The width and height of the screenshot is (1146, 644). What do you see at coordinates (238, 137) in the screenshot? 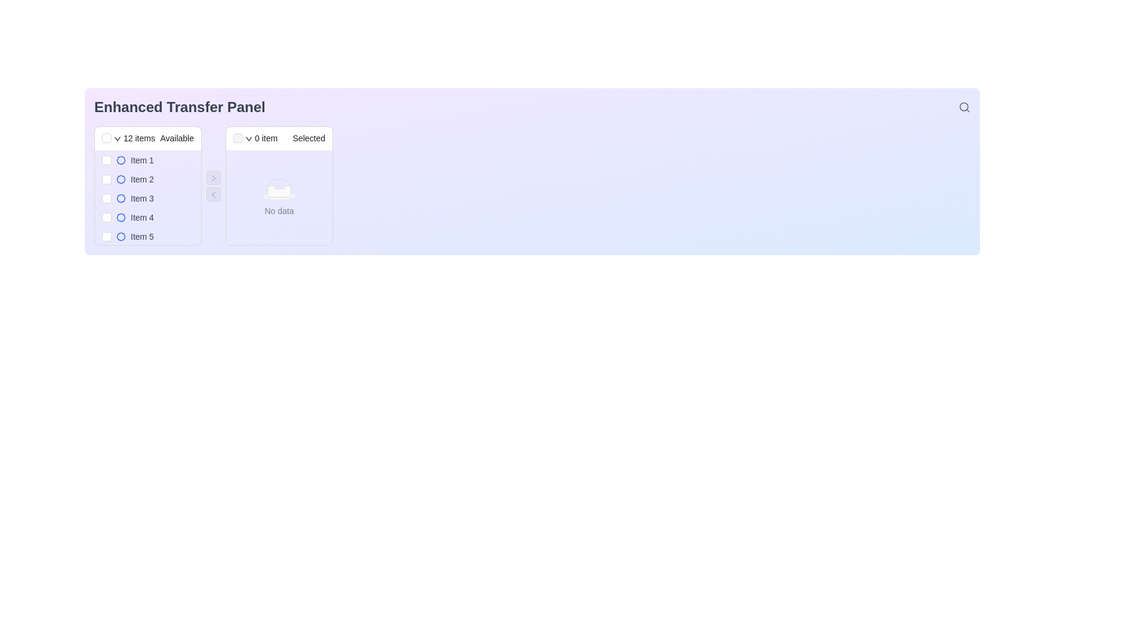
I see `the disabled checkbox located in the header of the 'Selected' list, which is positioned leftmost before the '0 item Selected' text` at bounding box center [238, 137].